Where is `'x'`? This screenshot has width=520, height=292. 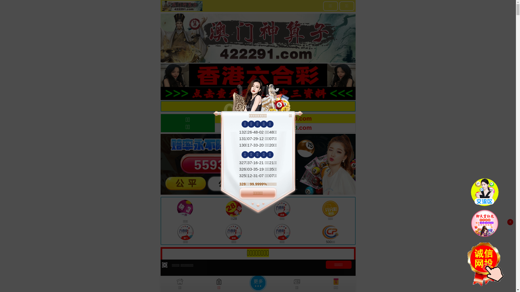
'x' is located at coordinates (507, 222).